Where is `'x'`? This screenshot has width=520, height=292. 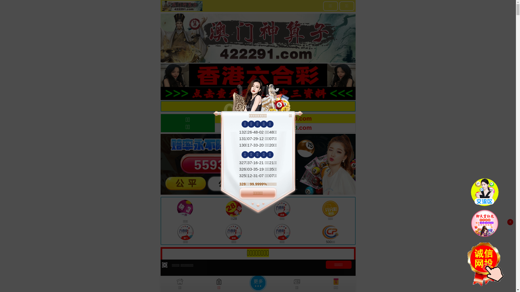
'x' is located at coordinates (507, 222).